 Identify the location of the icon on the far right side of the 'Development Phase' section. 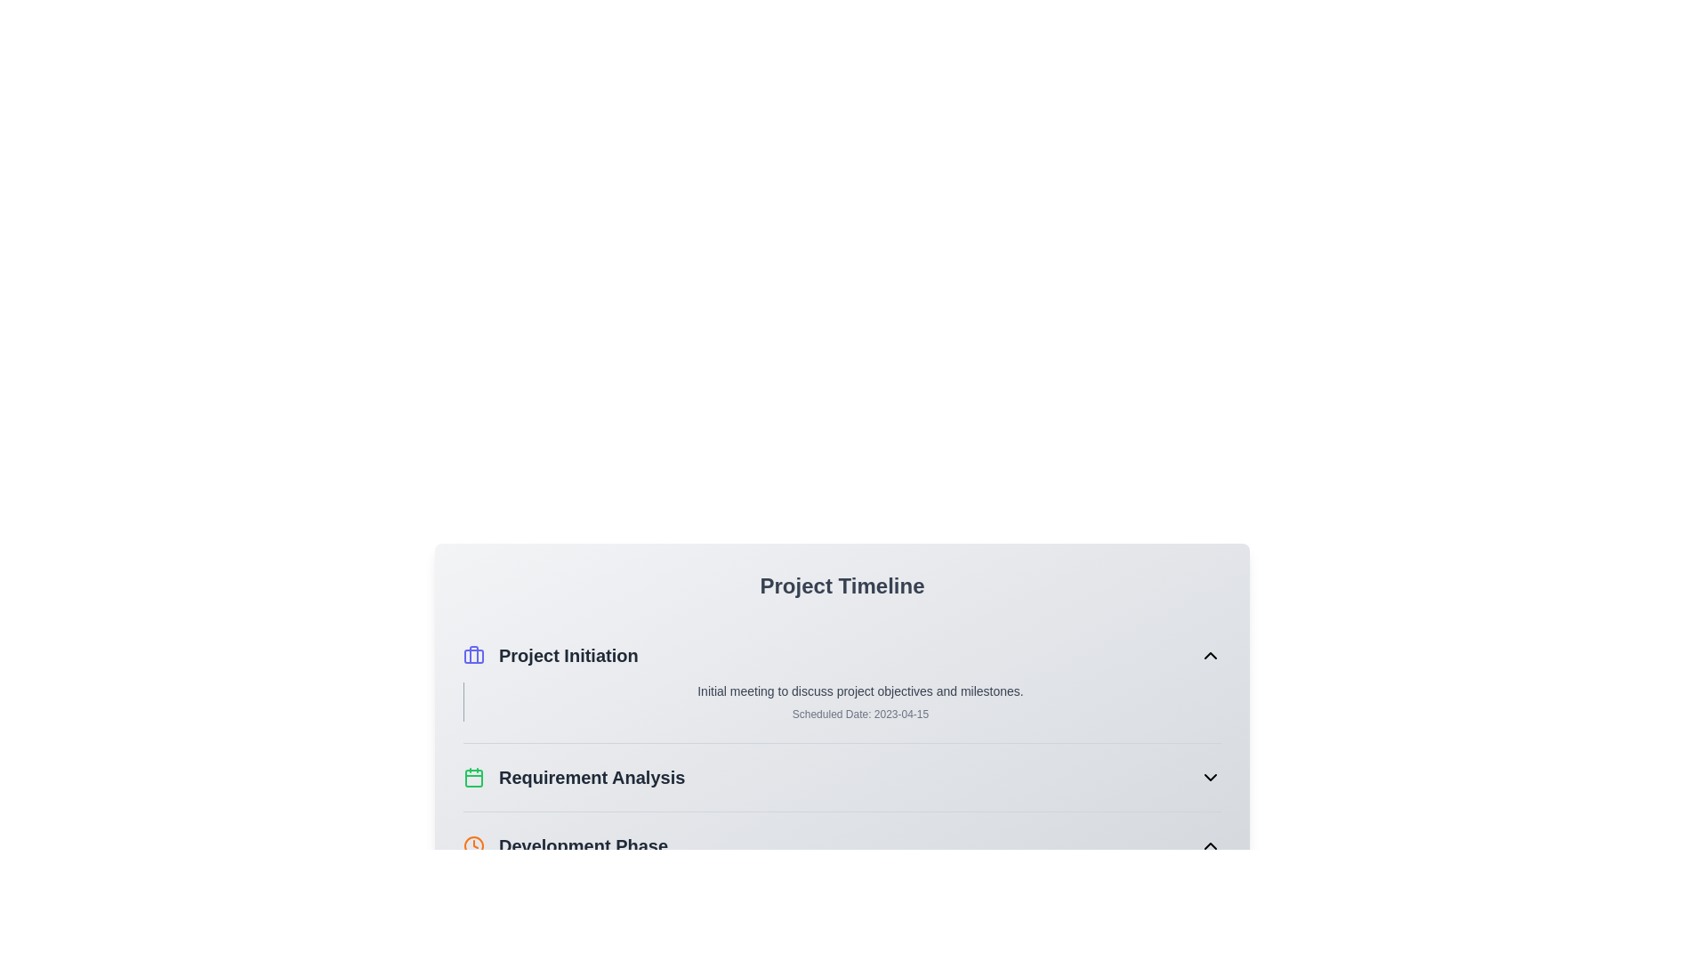
(1210, 845).